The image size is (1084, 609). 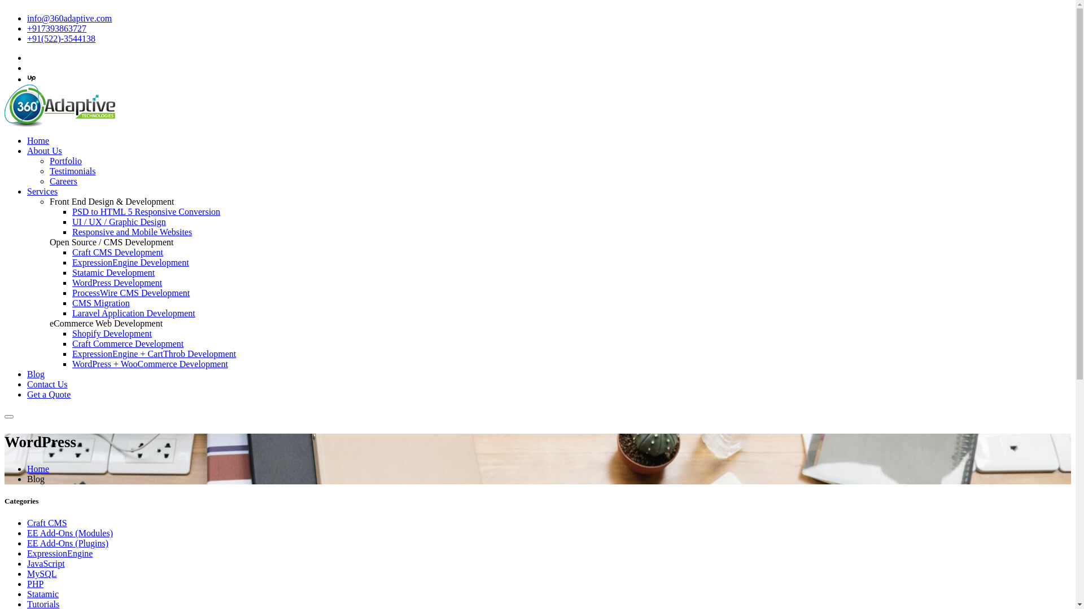 What do you see at coordinates (35, 584) in the screenshot?
I see `'PHP'` at bounding box center [35, 584].